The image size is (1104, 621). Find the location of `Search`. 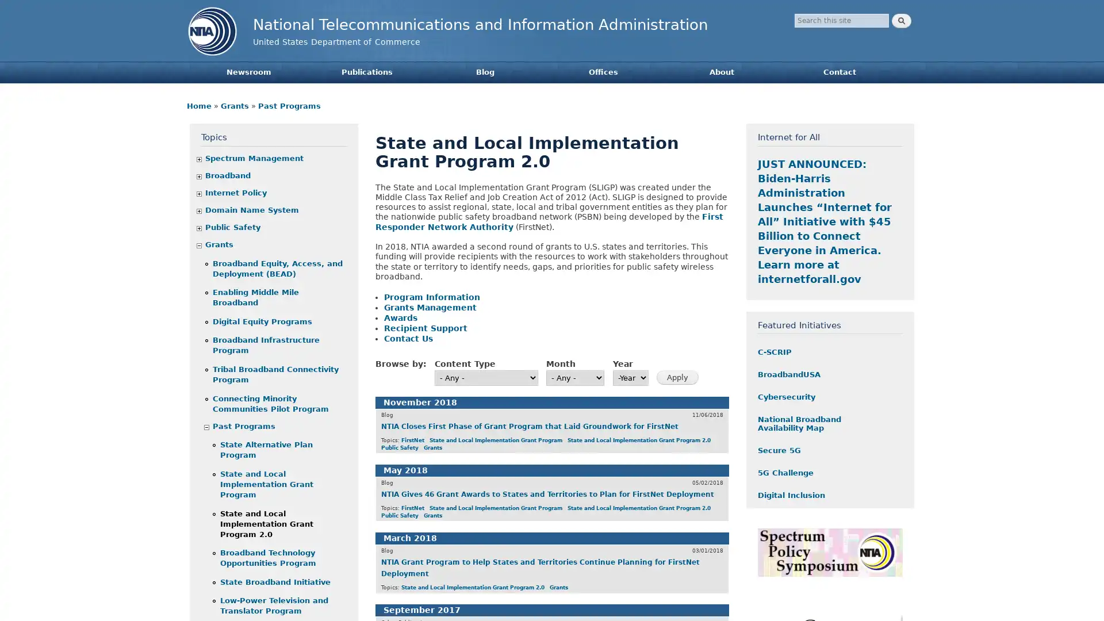

Search is located at coordinates (901, 21).